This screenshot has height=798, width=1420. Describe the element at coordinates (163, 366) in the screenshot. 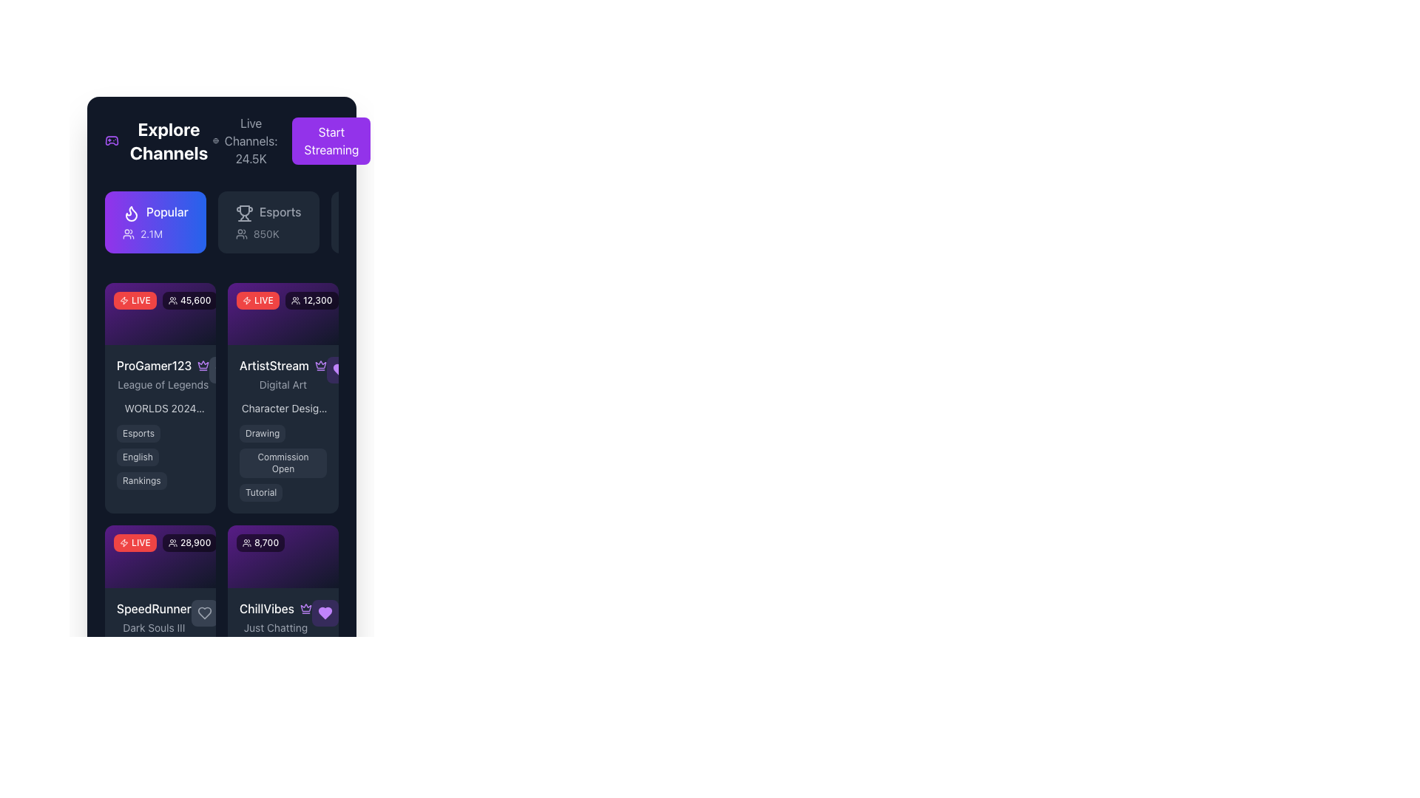

I see `the displayed username 'ProGamer123' which is styled in a white bold font and located below the 'LIVE' button and above the game title 'League of Legends'` at that location.